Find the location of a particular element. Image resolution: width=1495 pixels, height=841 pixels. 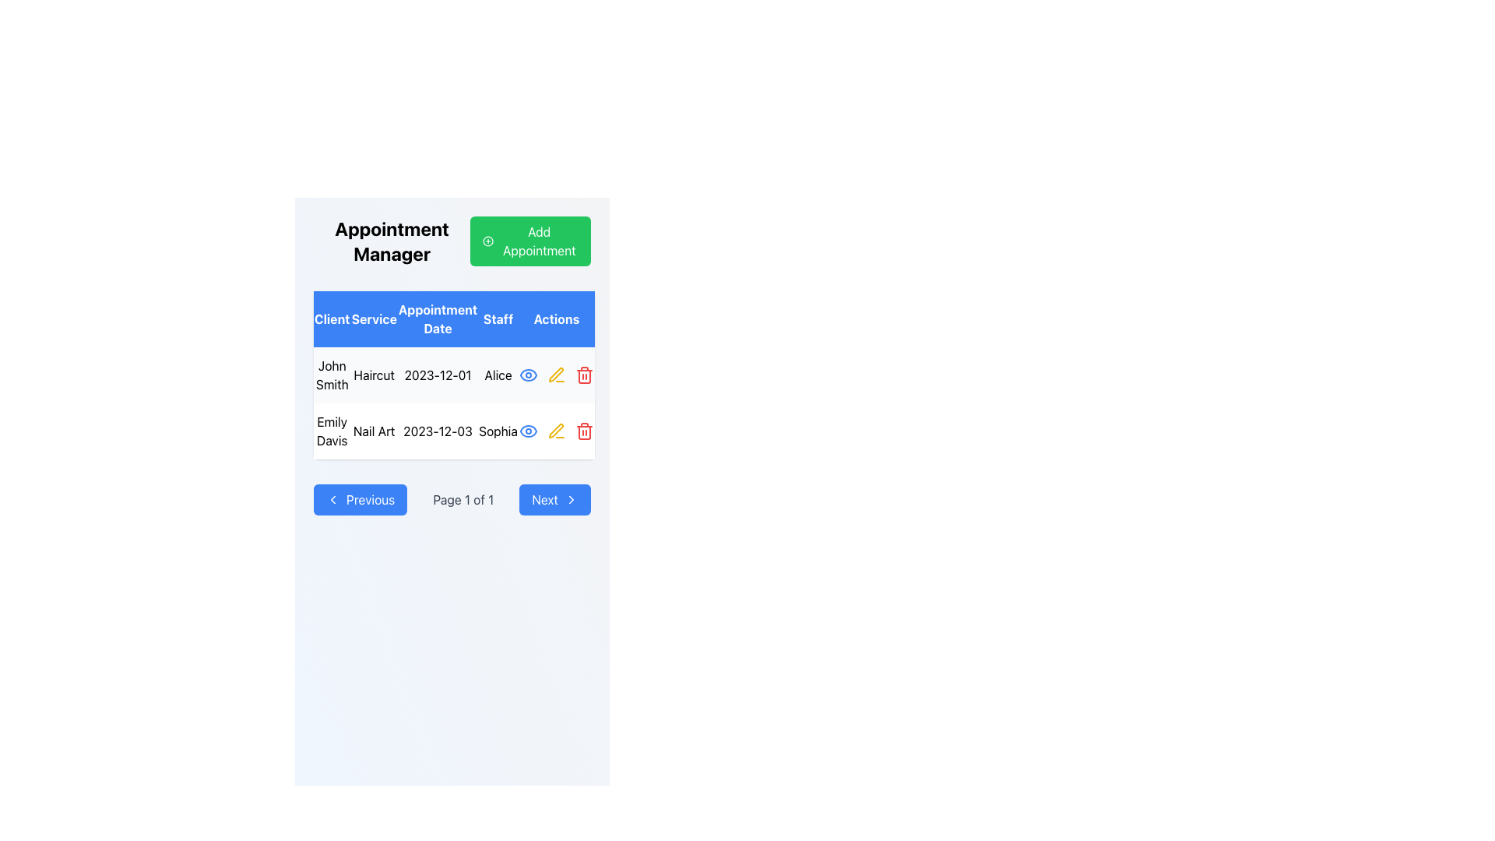

the second row of the Appointment Manager table is located at coordinates (453, 402).